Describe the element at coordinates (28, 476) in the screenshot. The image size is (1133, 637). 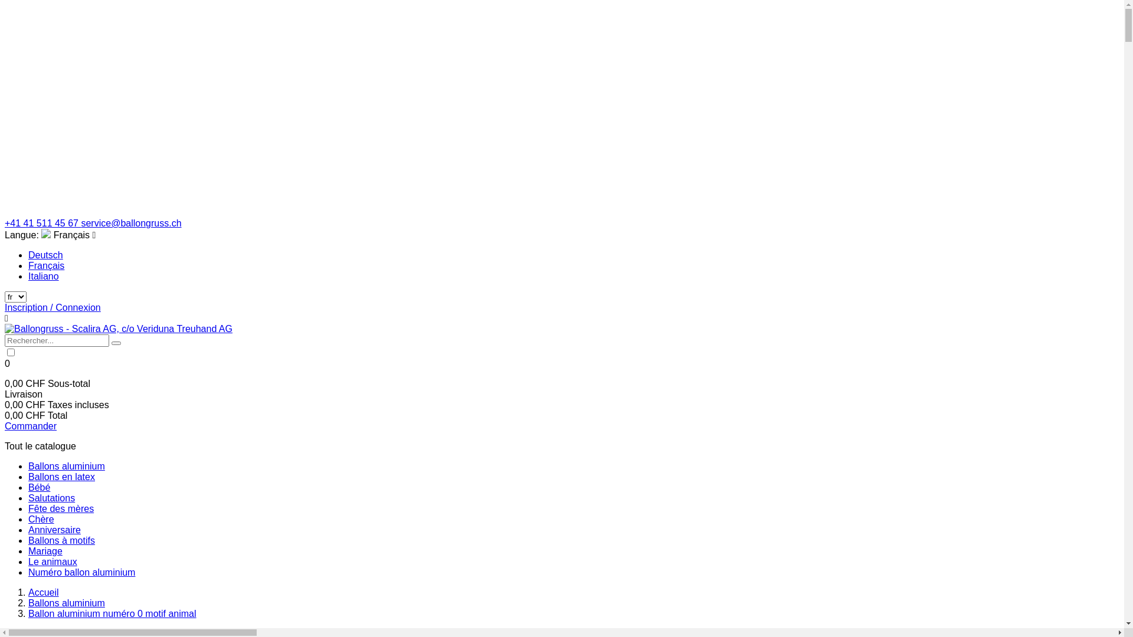
I see `'Ballons en latex'` at that location.